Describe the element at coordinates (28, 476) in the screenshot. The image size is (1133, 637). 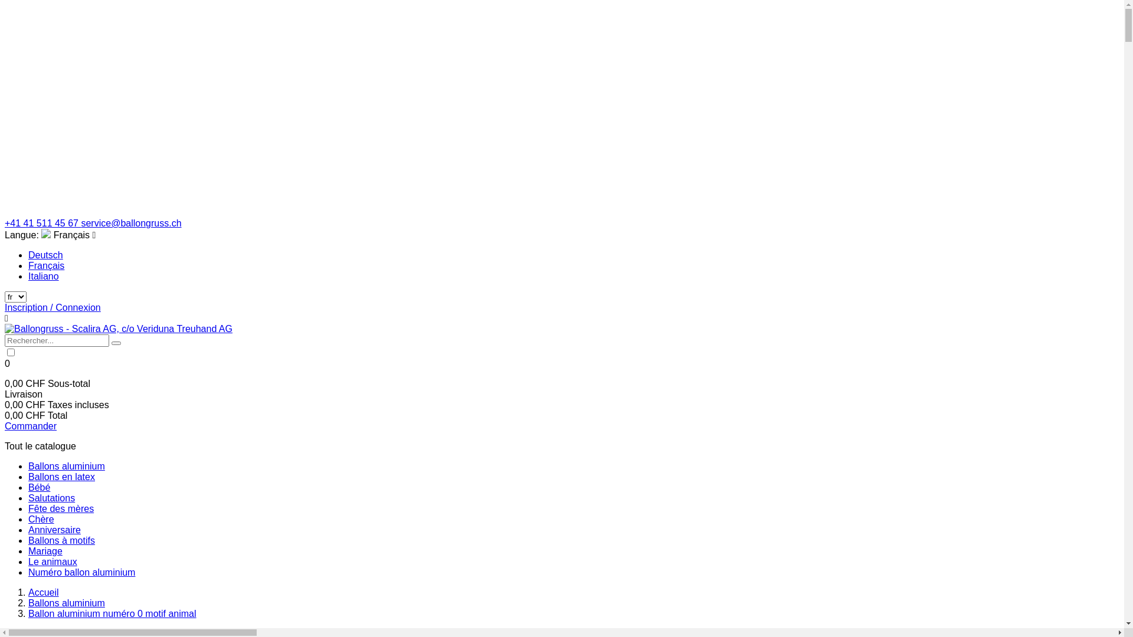
I see `'Ballons en latex'` at that location.